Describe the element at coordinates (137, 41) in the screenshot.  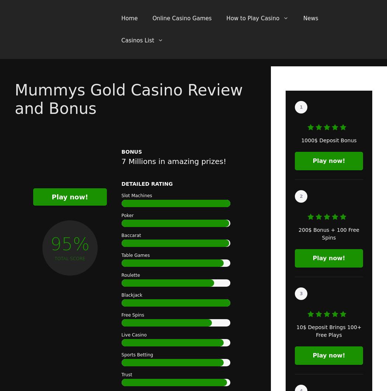
I see `'Casinos List'` at that location.